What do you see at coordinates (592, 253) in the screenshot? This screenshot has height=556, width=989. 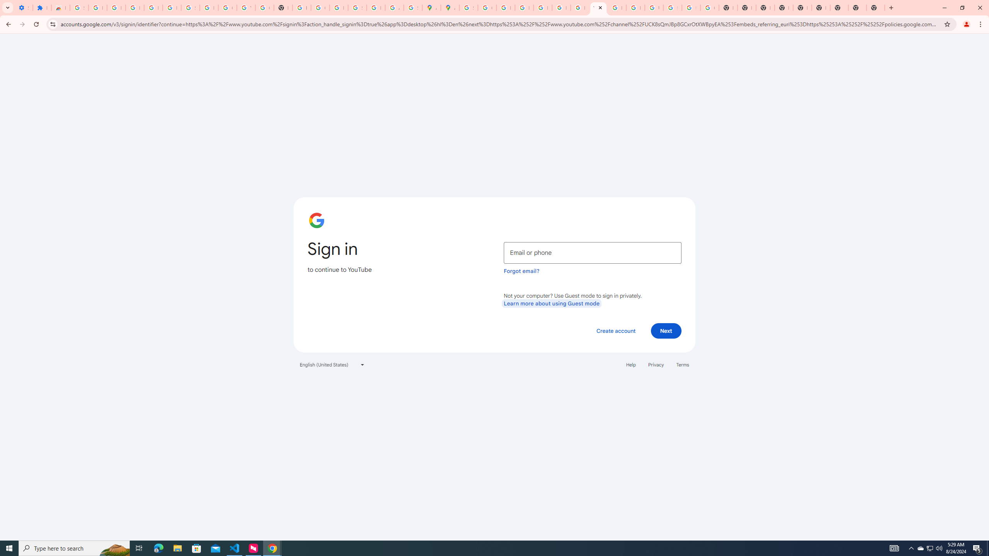 I see `'Email or phone'` at bounding box center [592, 253].